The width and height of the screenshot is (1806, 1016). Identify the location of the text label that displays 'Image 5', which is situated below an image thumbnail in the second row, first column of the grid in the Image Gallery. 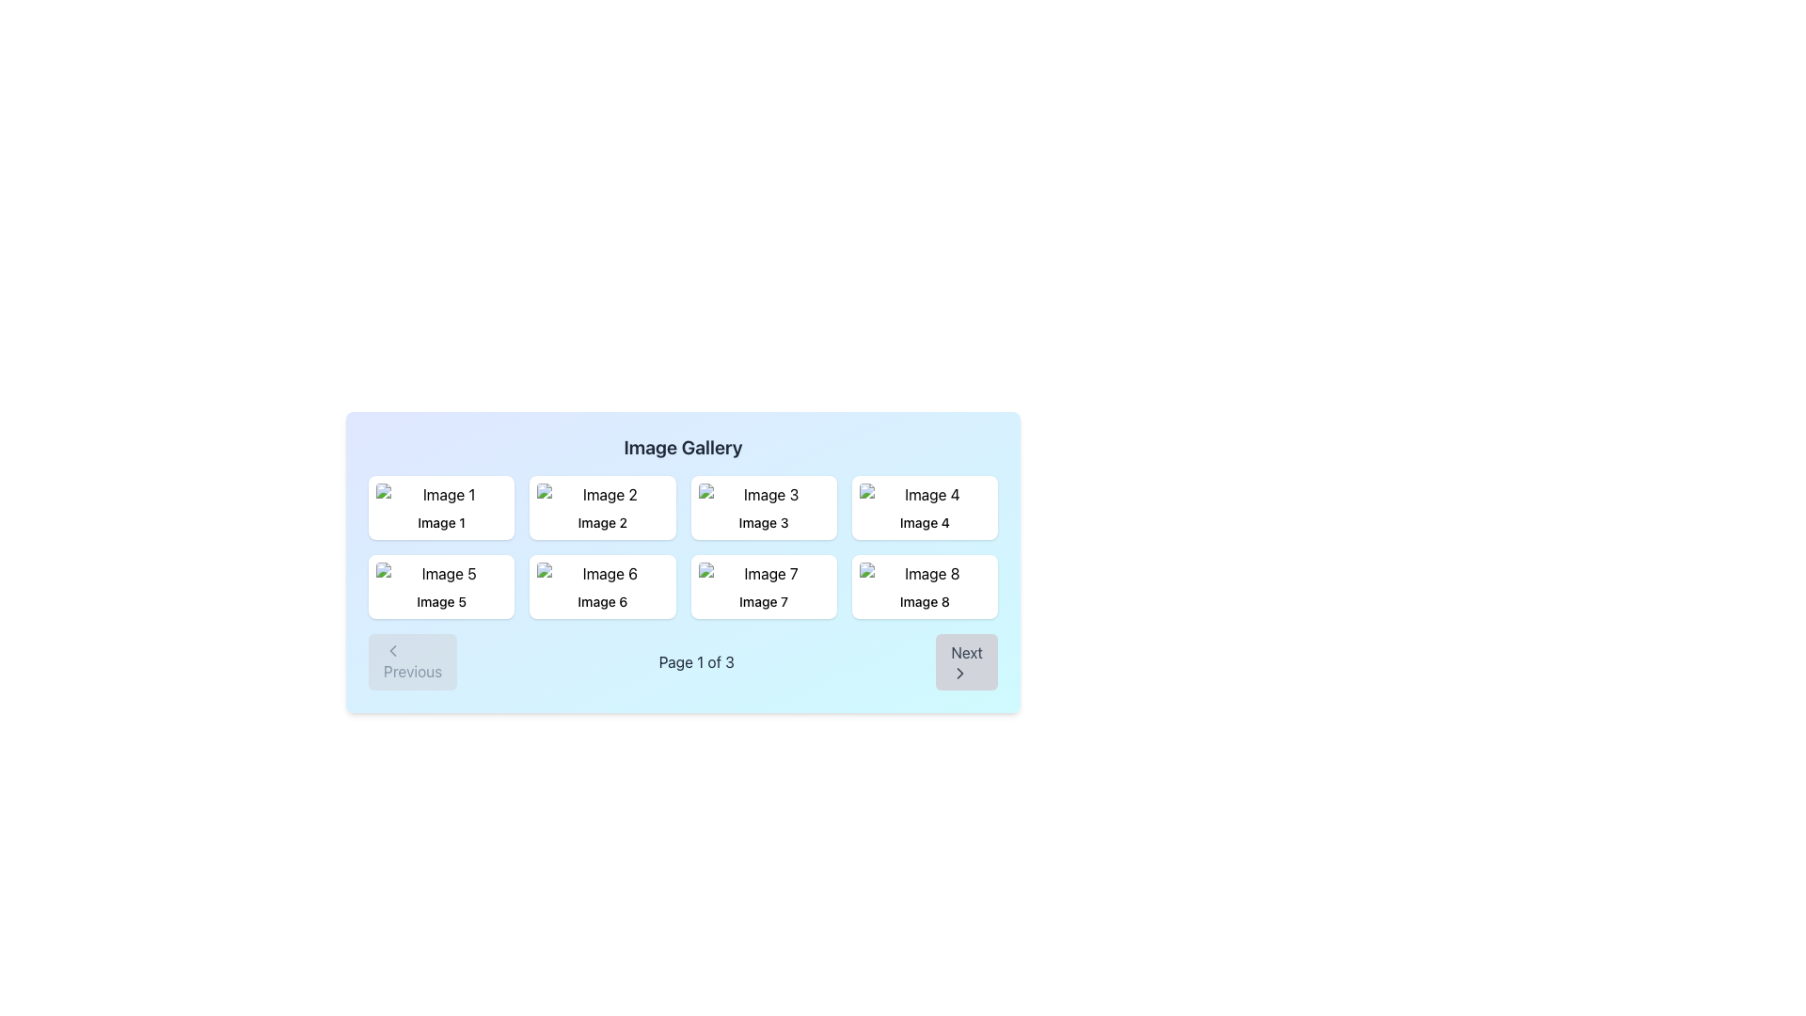
(440, 602).